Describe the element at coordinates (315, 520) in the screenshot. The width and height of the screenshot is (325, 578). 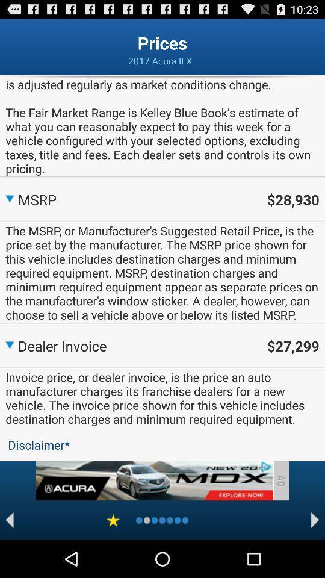
I see `next listing` at that location.